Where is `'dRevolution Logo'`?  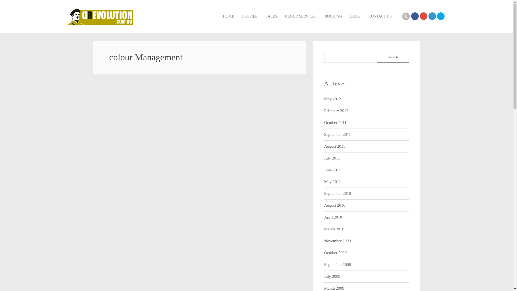 'dRevolution Logo' is located at coordinates (100, 16).